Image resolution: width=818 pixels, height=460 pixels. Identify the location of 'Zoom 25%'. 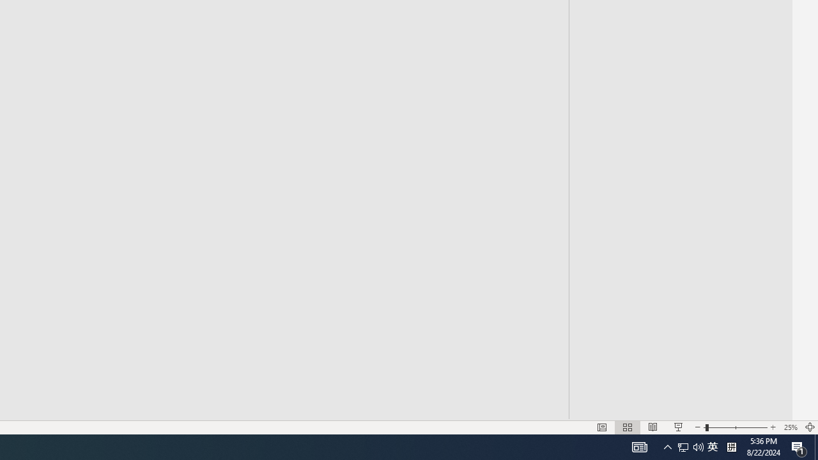
(790, 427).